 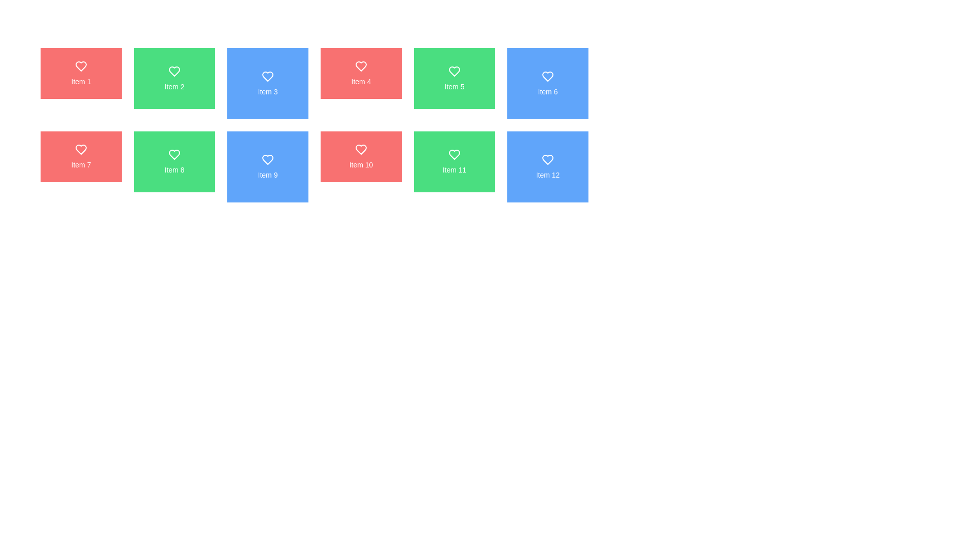 I want to click on the content tile labeled 'Item 12', which is a rectangular blue tile with a white heart icon and white text centered vertically, so click(x=547, y=166).